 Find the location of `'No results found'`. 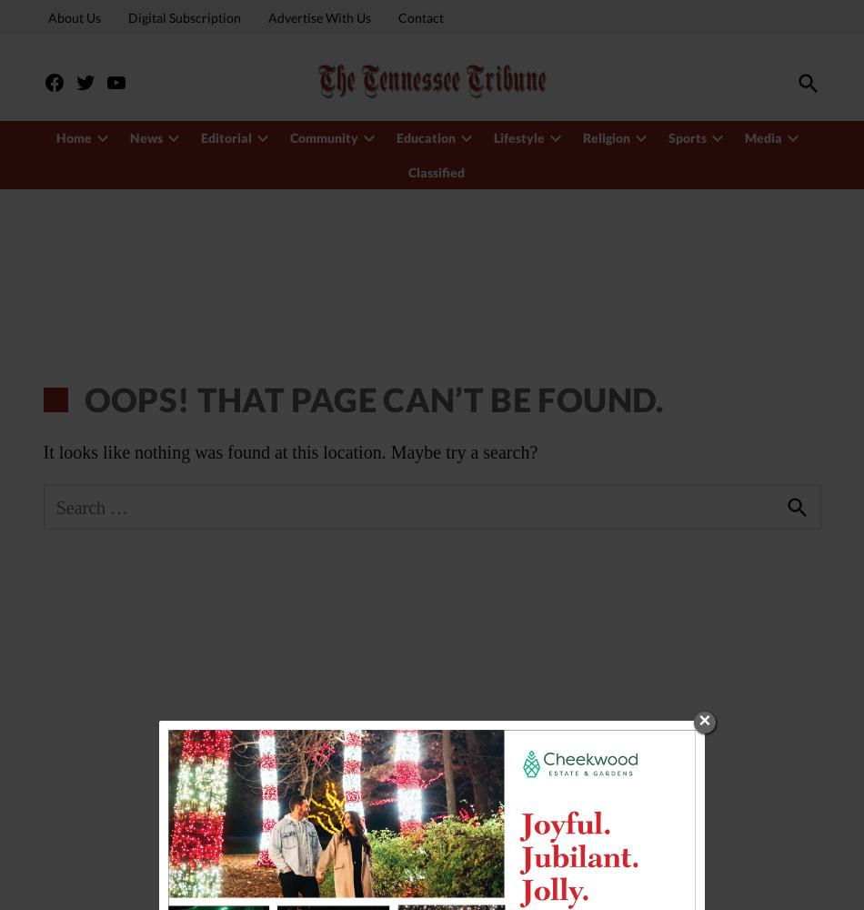

'No results found' is located at coordinates (134, 169).